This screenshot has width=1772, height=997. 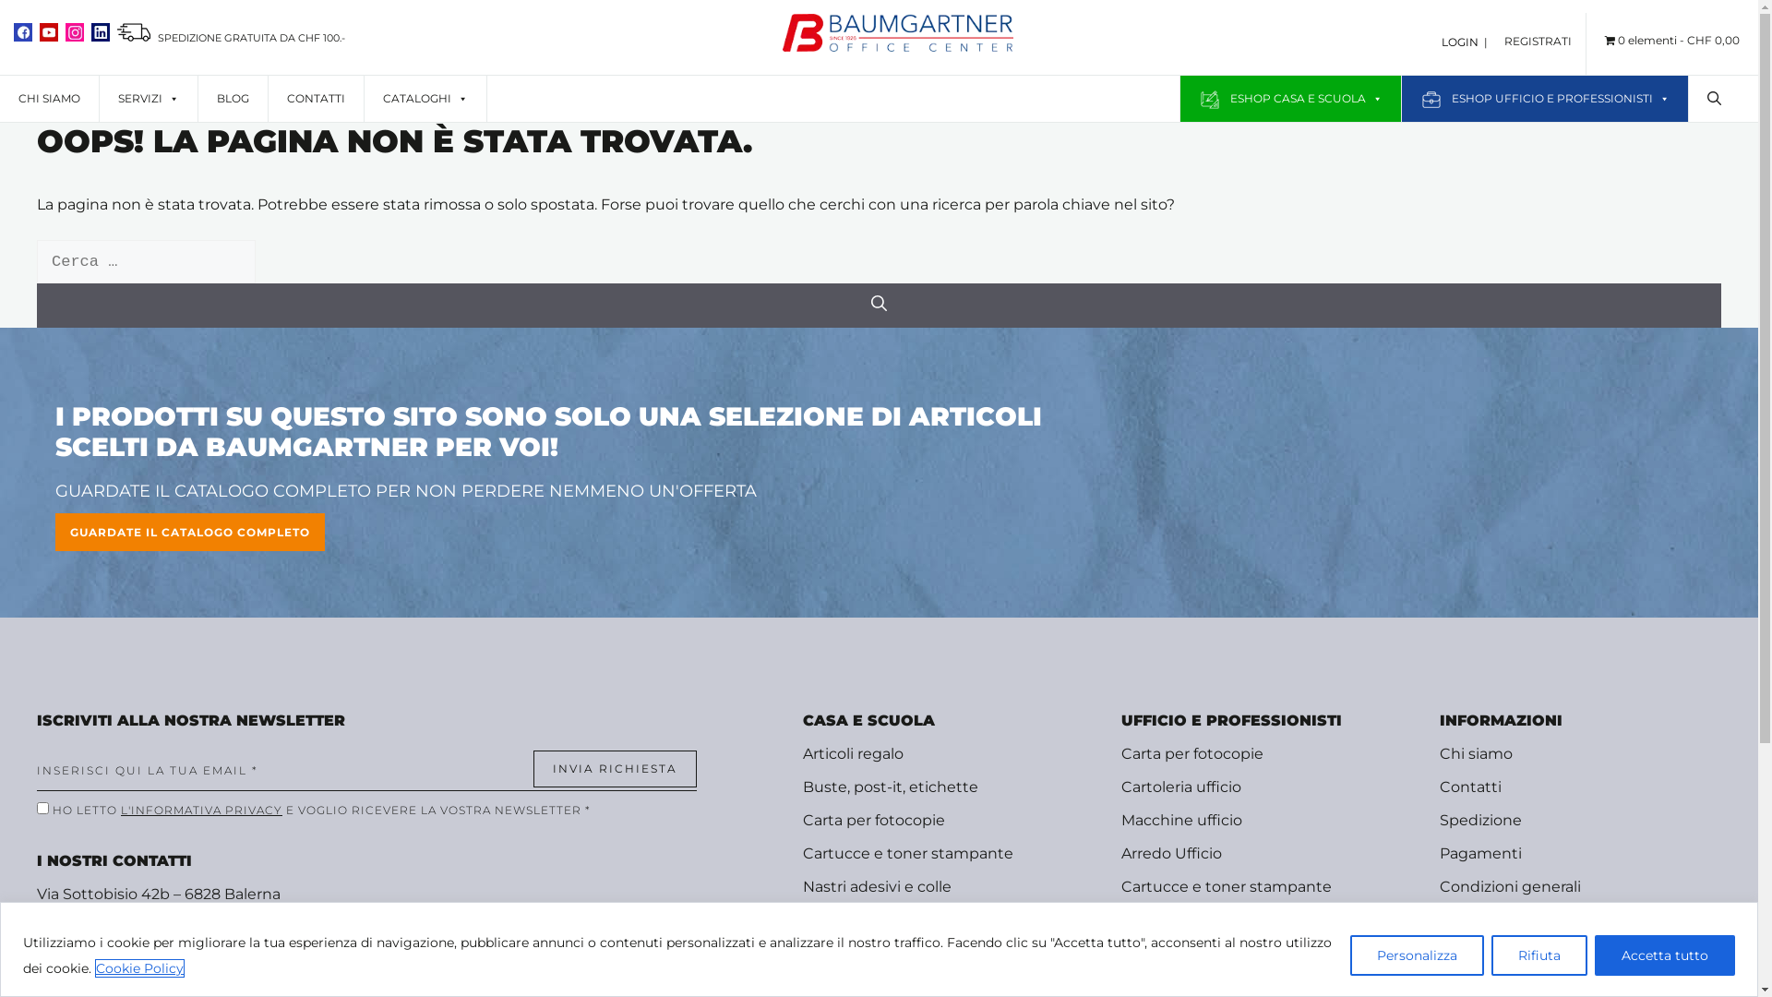 I want to click on 'CHI SIAMO', so click(x=49, y=99).